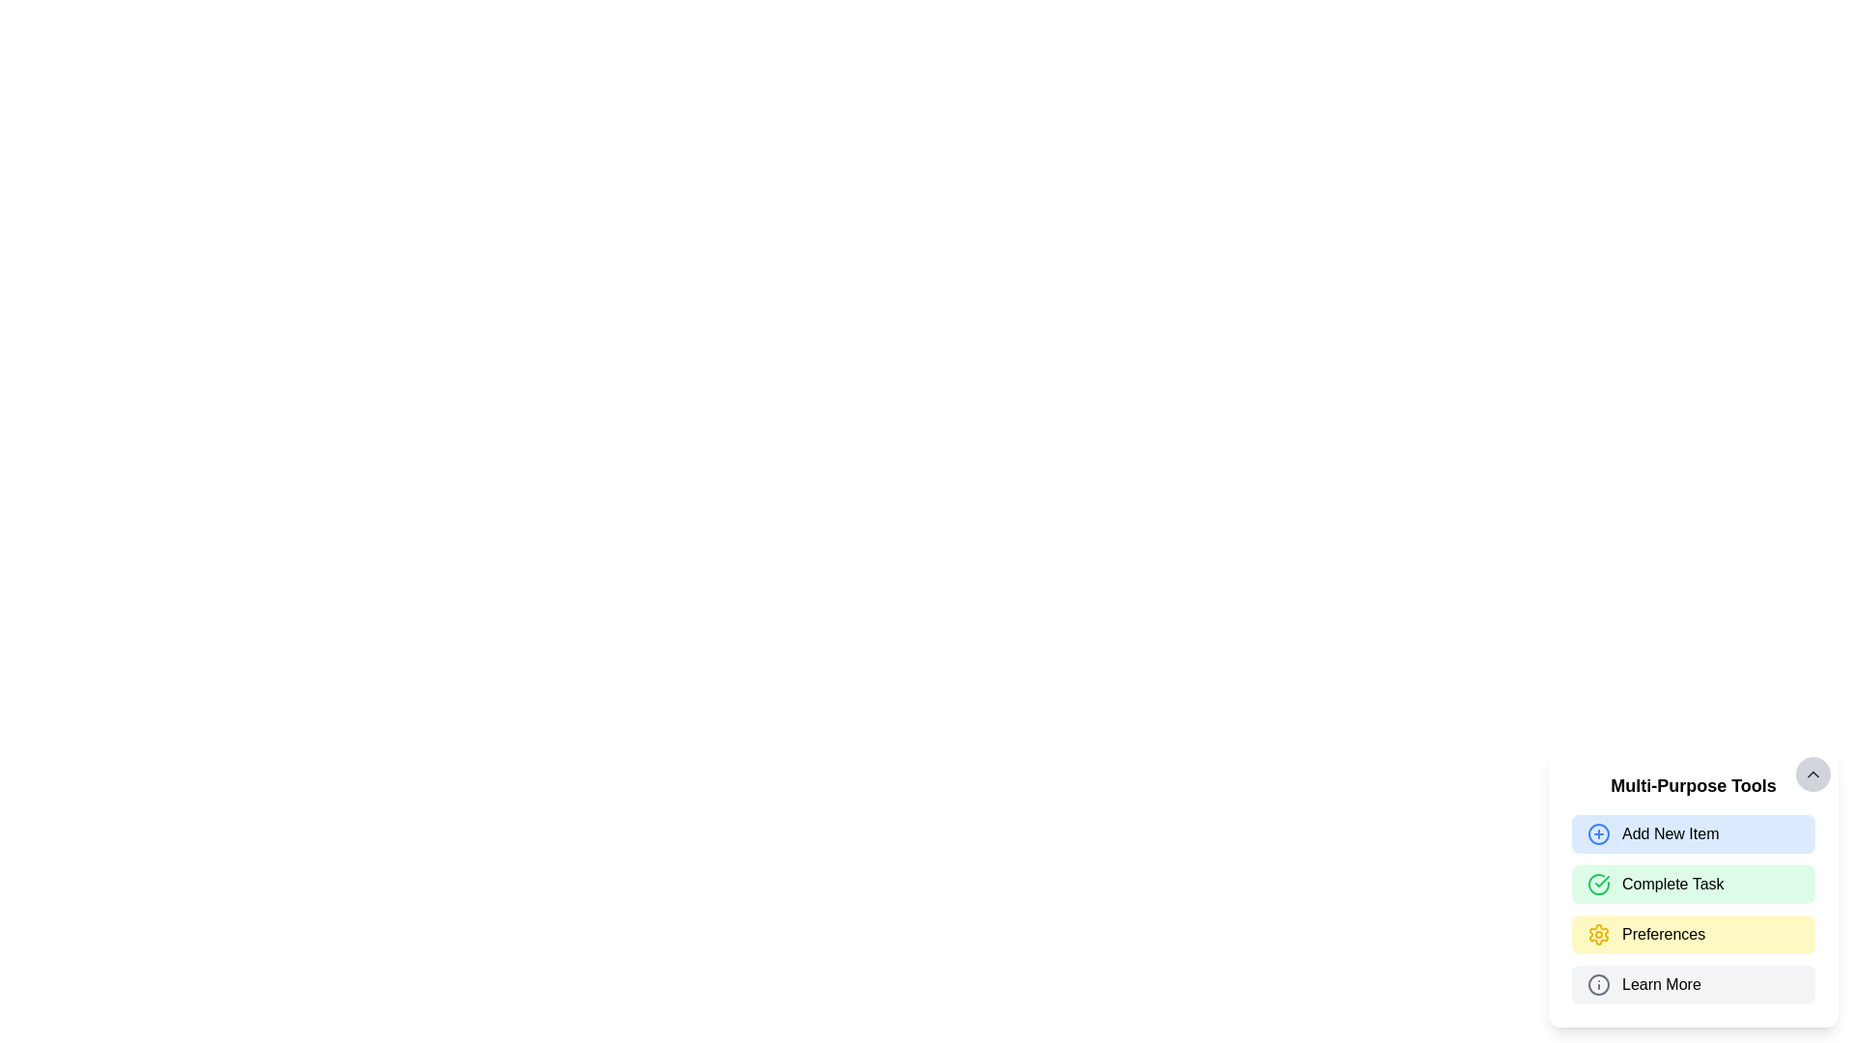  What do you see at coordinates (1599, 984) in the screenshot?
I see `the decorative icon located on the left side of the 'Learn More' button in the vertically stacked list of tools and options` at bounding box center [1599, 984].